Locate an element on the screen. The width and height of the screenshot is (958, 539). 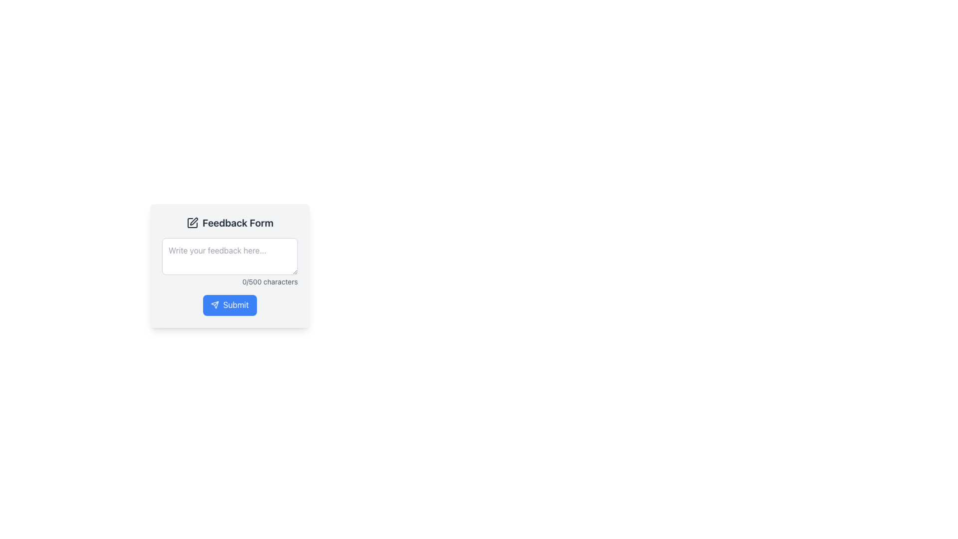
the blue 'Submit' button with a paper airplane icon is located at coordinates (229, 305).